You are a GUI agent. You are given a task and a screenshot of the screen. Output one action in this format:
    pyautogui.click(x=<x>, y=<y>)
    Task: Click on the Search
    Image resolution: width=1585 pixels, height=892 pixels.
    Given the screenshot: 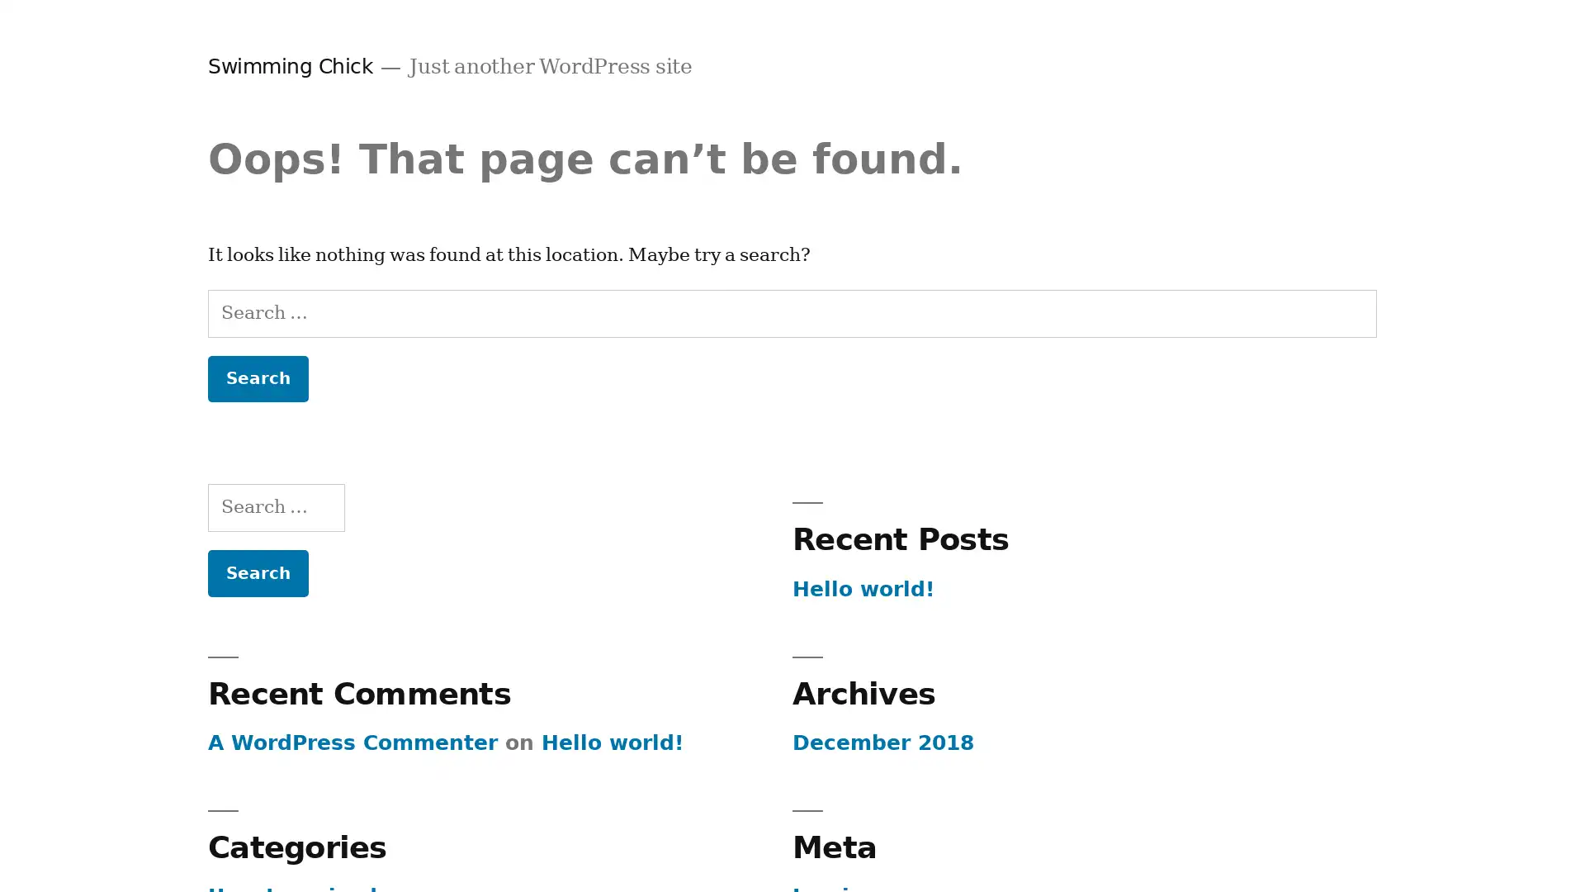 What is the action you would take?
    pyautogui.click(x=257, y=572)
    